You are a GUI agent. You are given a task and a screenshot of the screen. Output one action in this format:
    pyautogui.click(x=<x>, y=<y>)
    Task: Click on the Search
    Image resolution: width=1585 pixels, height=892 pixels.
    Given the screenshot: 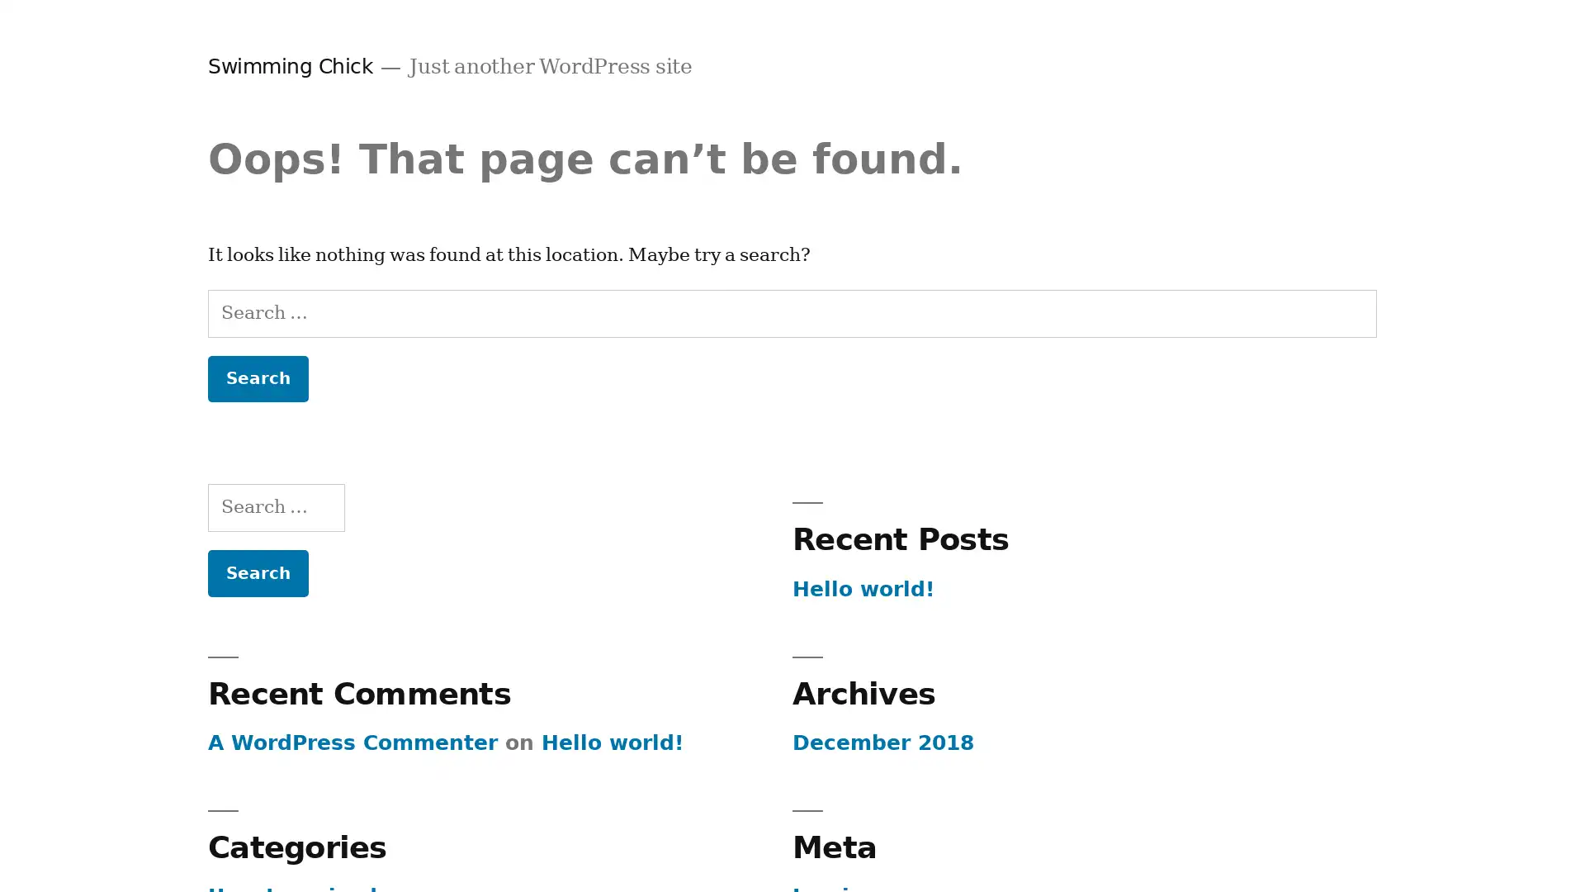 What is the action you would take?
    pyautogui.click(x=257, y=572)
    